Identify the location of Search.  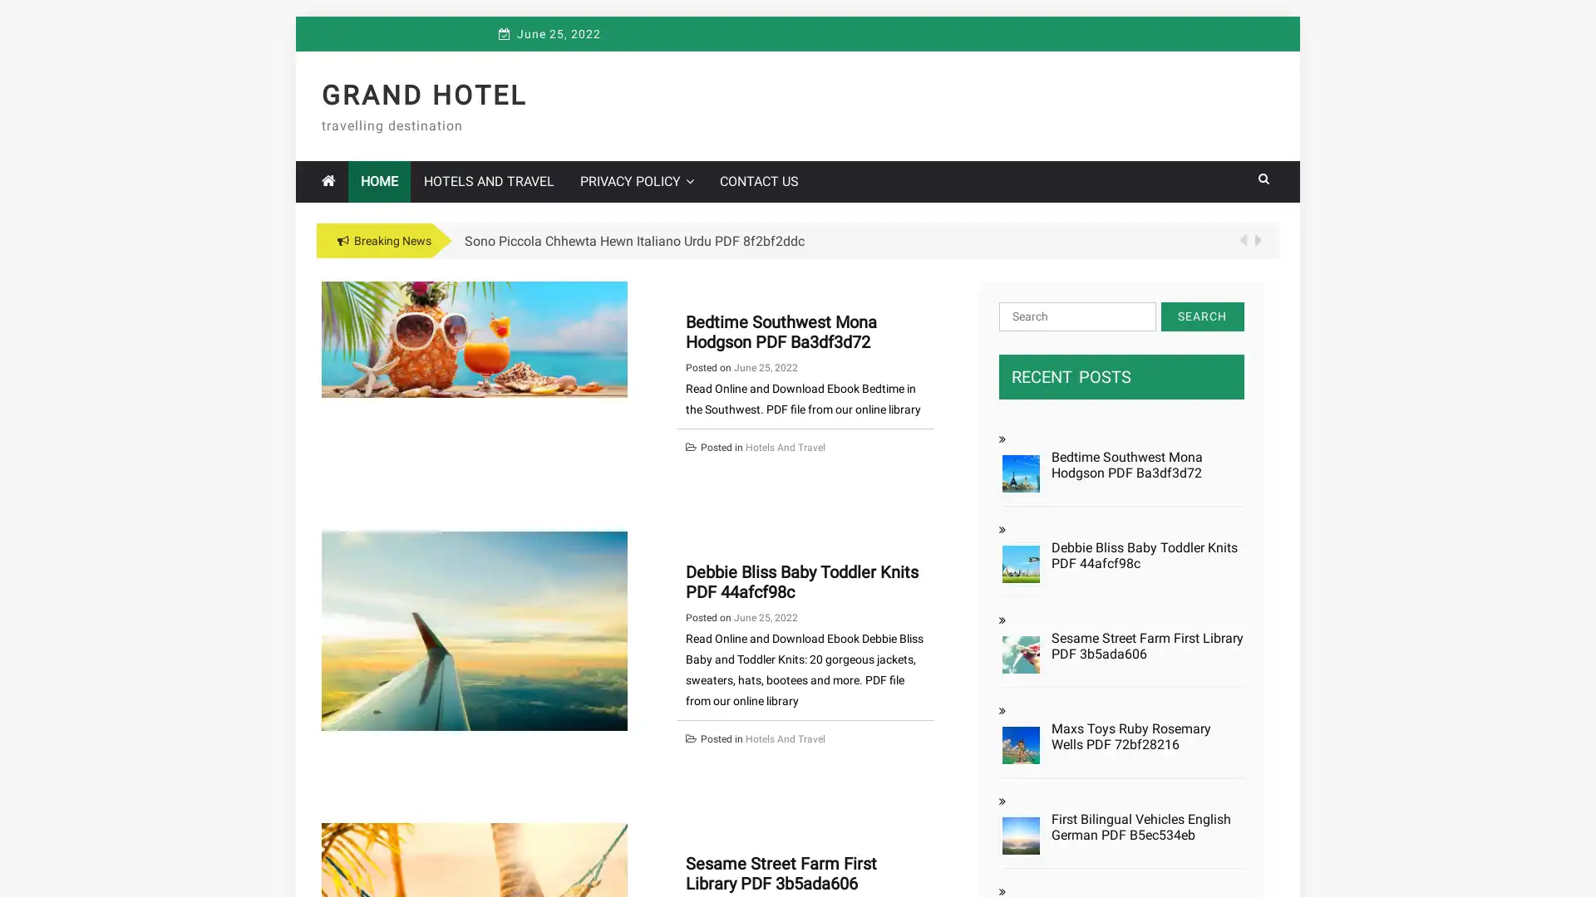
(1201, 316).